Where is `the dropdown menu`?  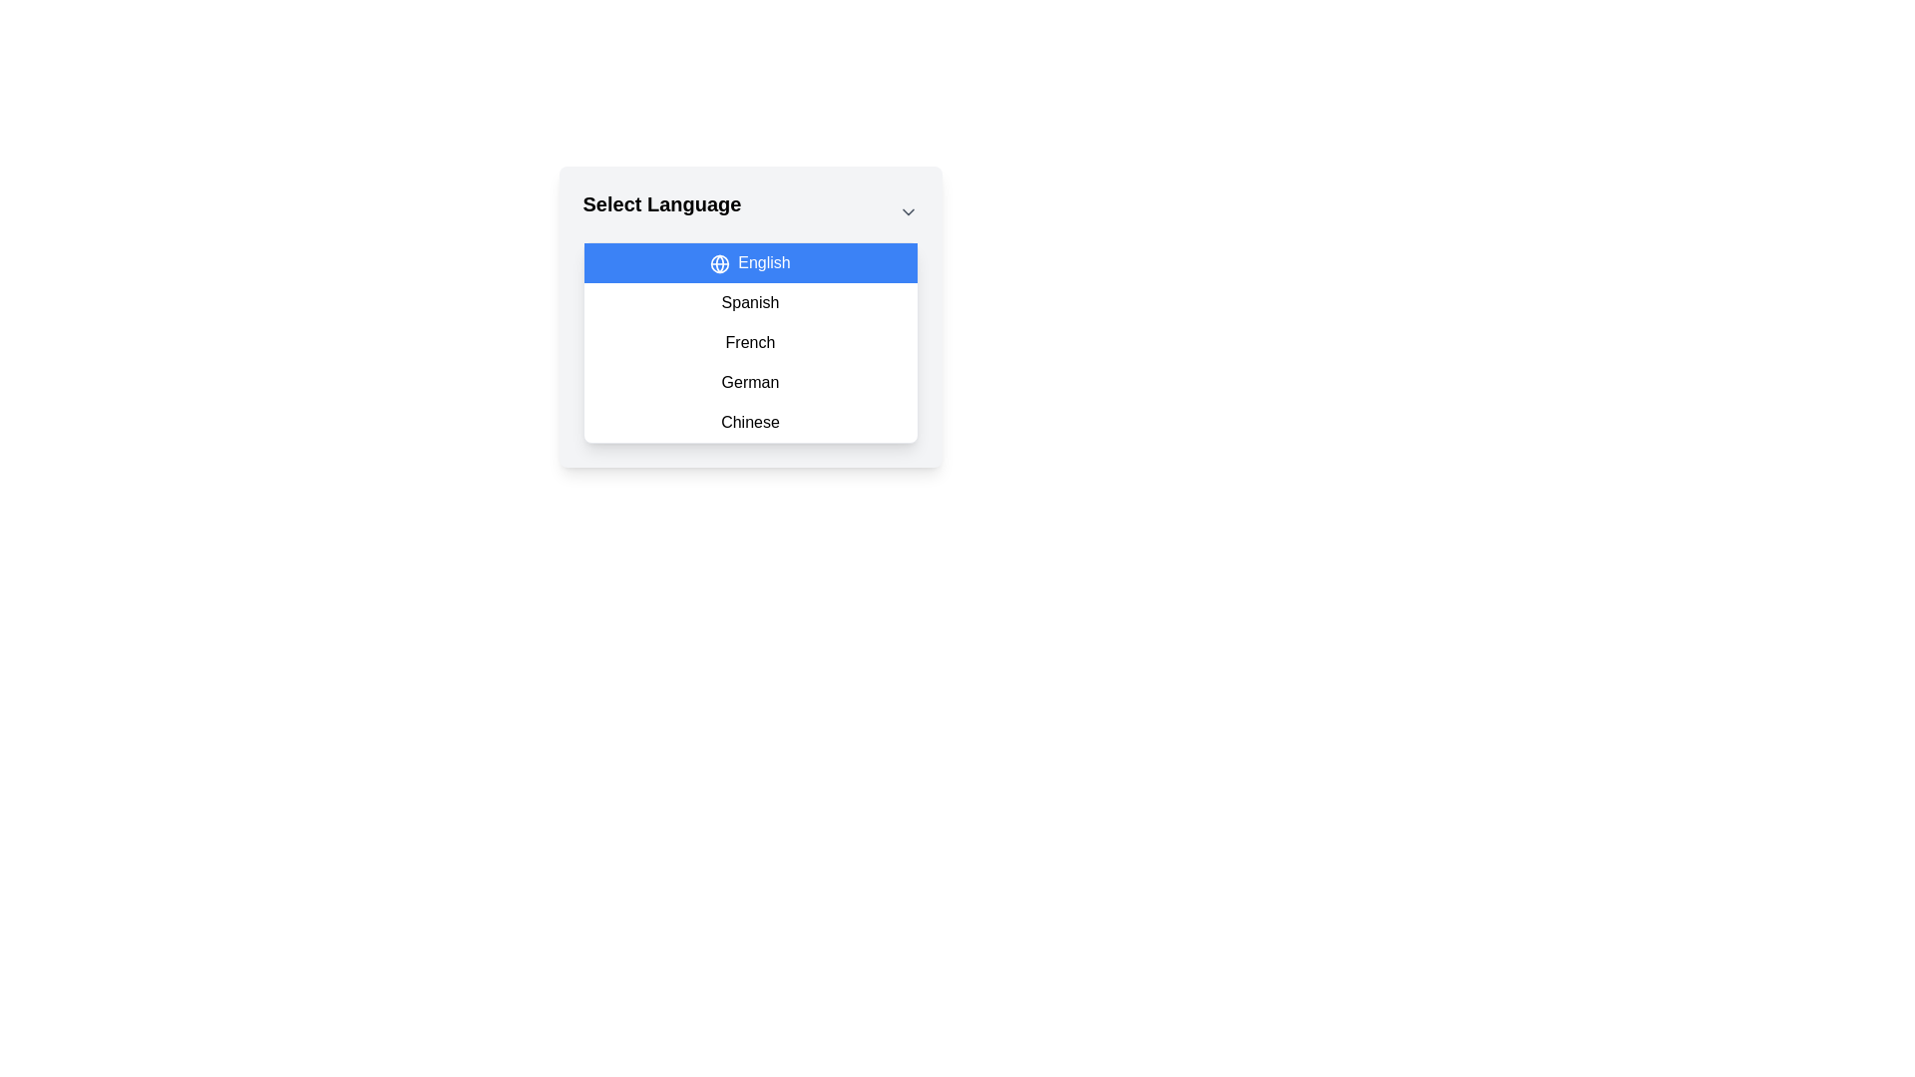
the dropdown menu is located at coordinates (749, 341).